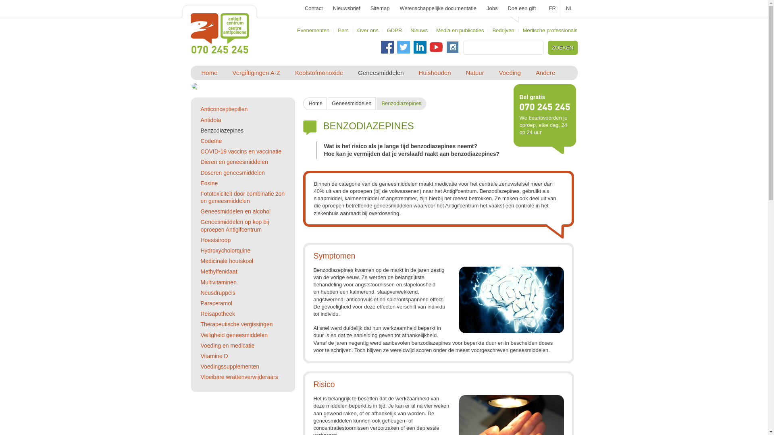 The width and height of the screenshot is (774, 435). What do you see at coordinates (313, 30) in the screenshot?
I see `'Evenementen'` at bounding box center [313, 30].